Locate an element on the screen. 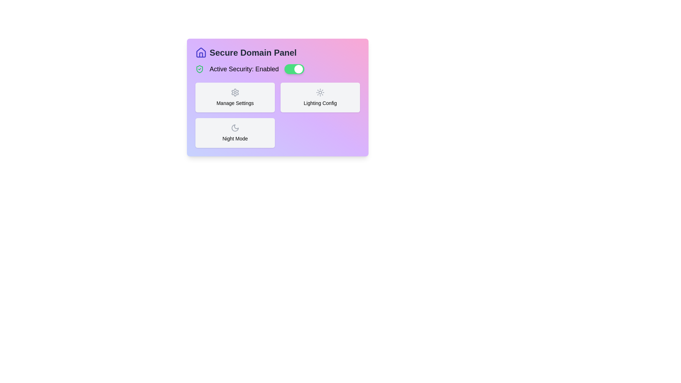 This screenshot has height=383, width=681. the 'Manage Settings' text label, which is styled in dark gray on a light gray background and is centered within a rectangular button with a gear icon above it is located at coordinates (235, 103).